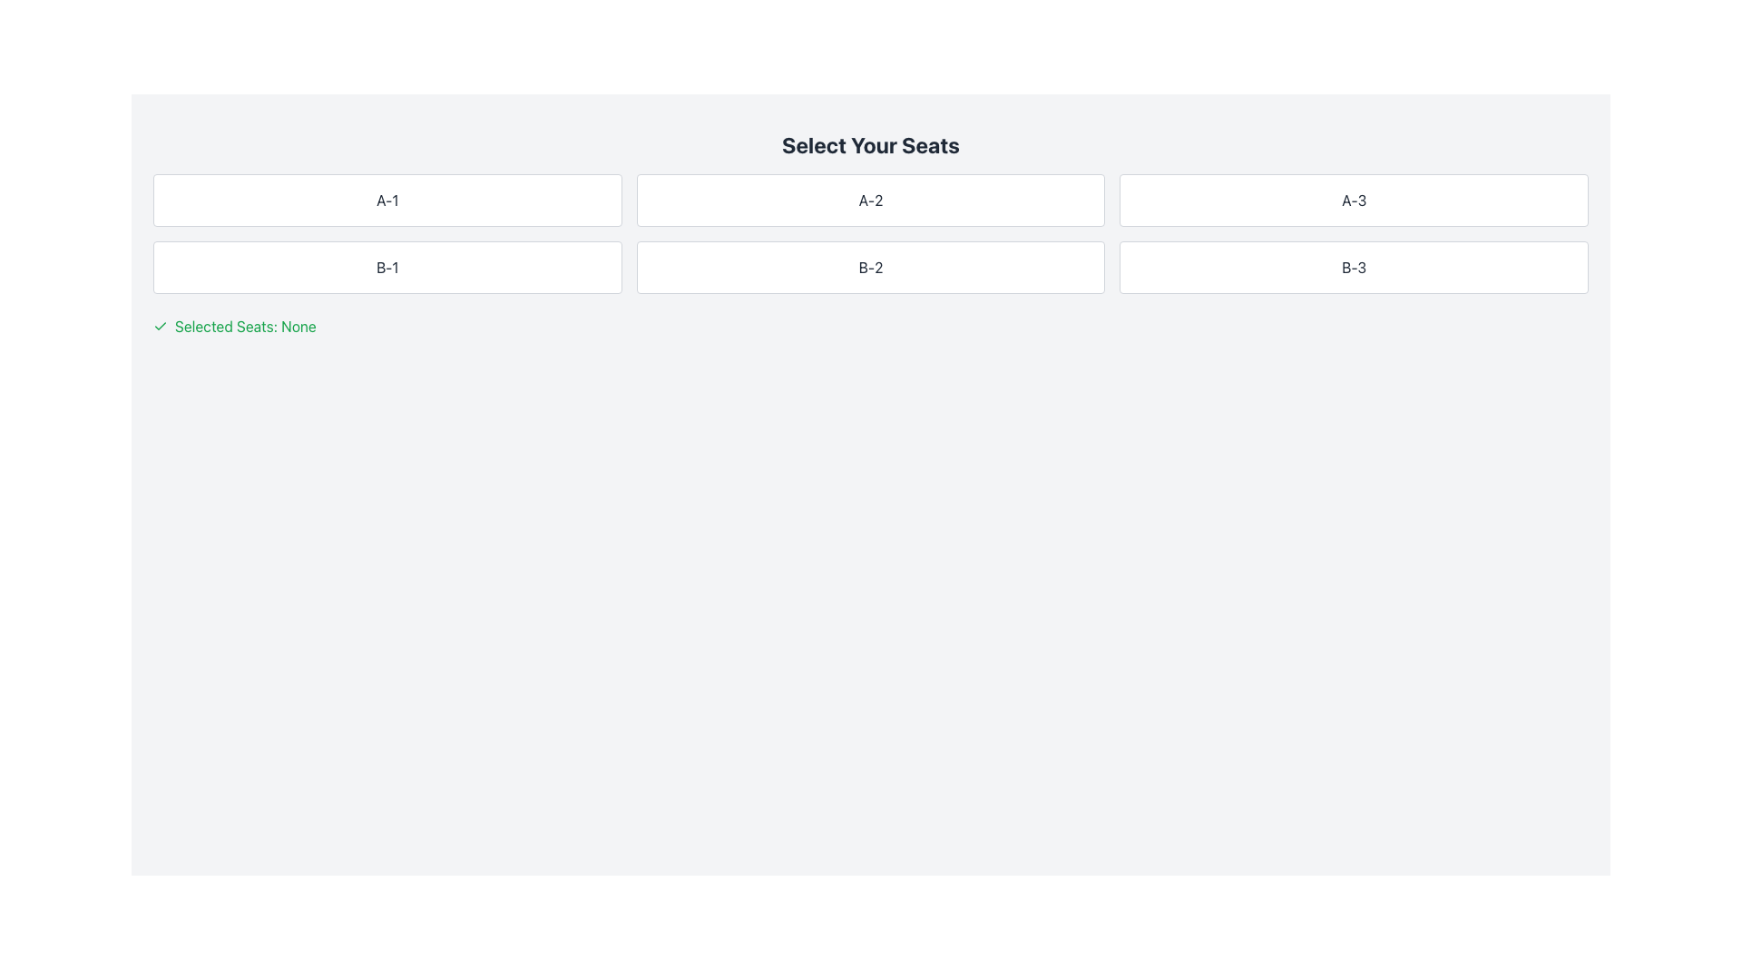  Describe the element at coordinates (387, 200) in the screenshot. I see `the rectangular button labeled 'A-1' located in the top-left corner of the grid layout` at that location.